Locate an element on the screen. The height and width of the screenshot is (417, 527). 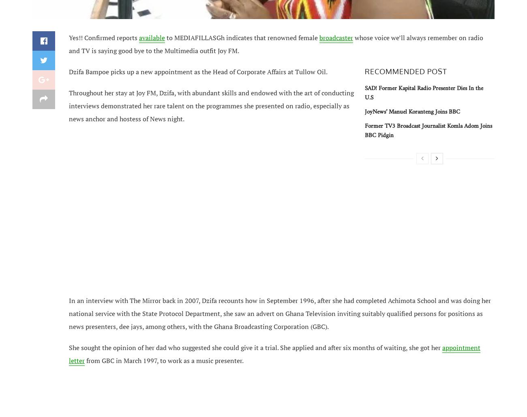
'voice we’ll always remember on radio and TV is saying good bye to the Multimedia outfit Joy FM.' is located at coordinates (275, 43).